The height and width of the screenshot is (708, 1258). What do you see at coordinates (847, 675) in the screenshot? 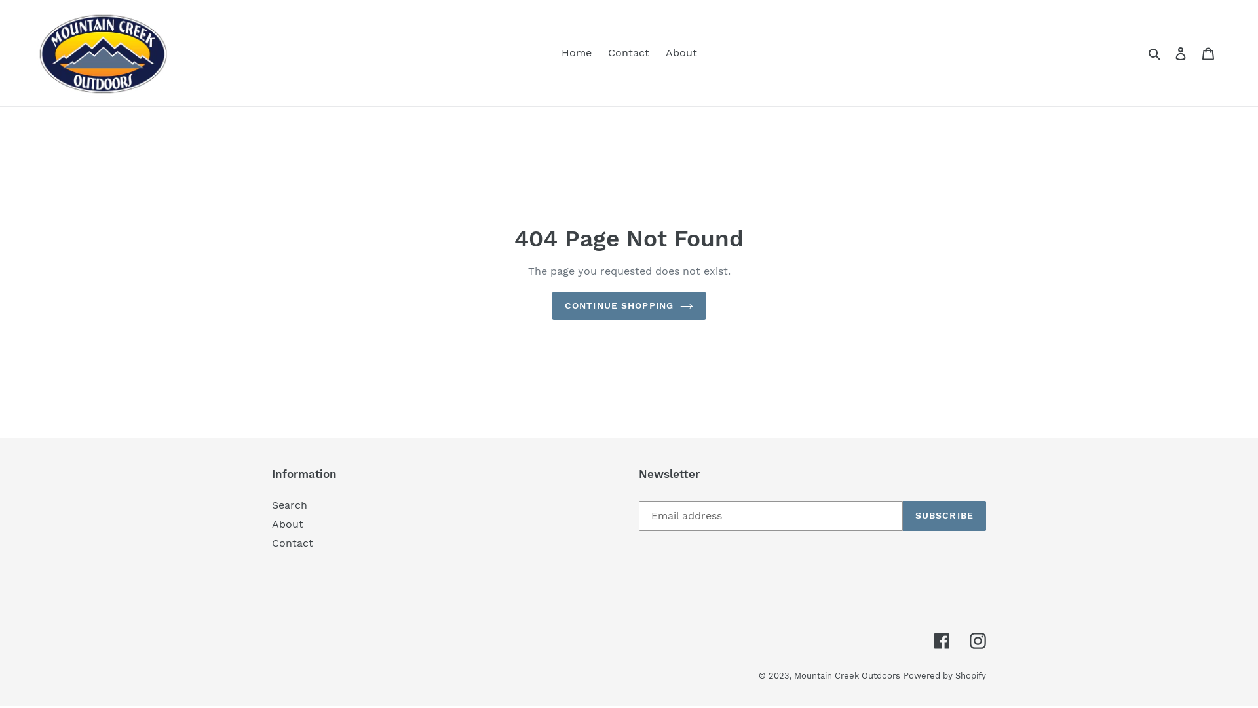
I see `'Mountain Creek Outdoors'` at bounding box center [847, 675].